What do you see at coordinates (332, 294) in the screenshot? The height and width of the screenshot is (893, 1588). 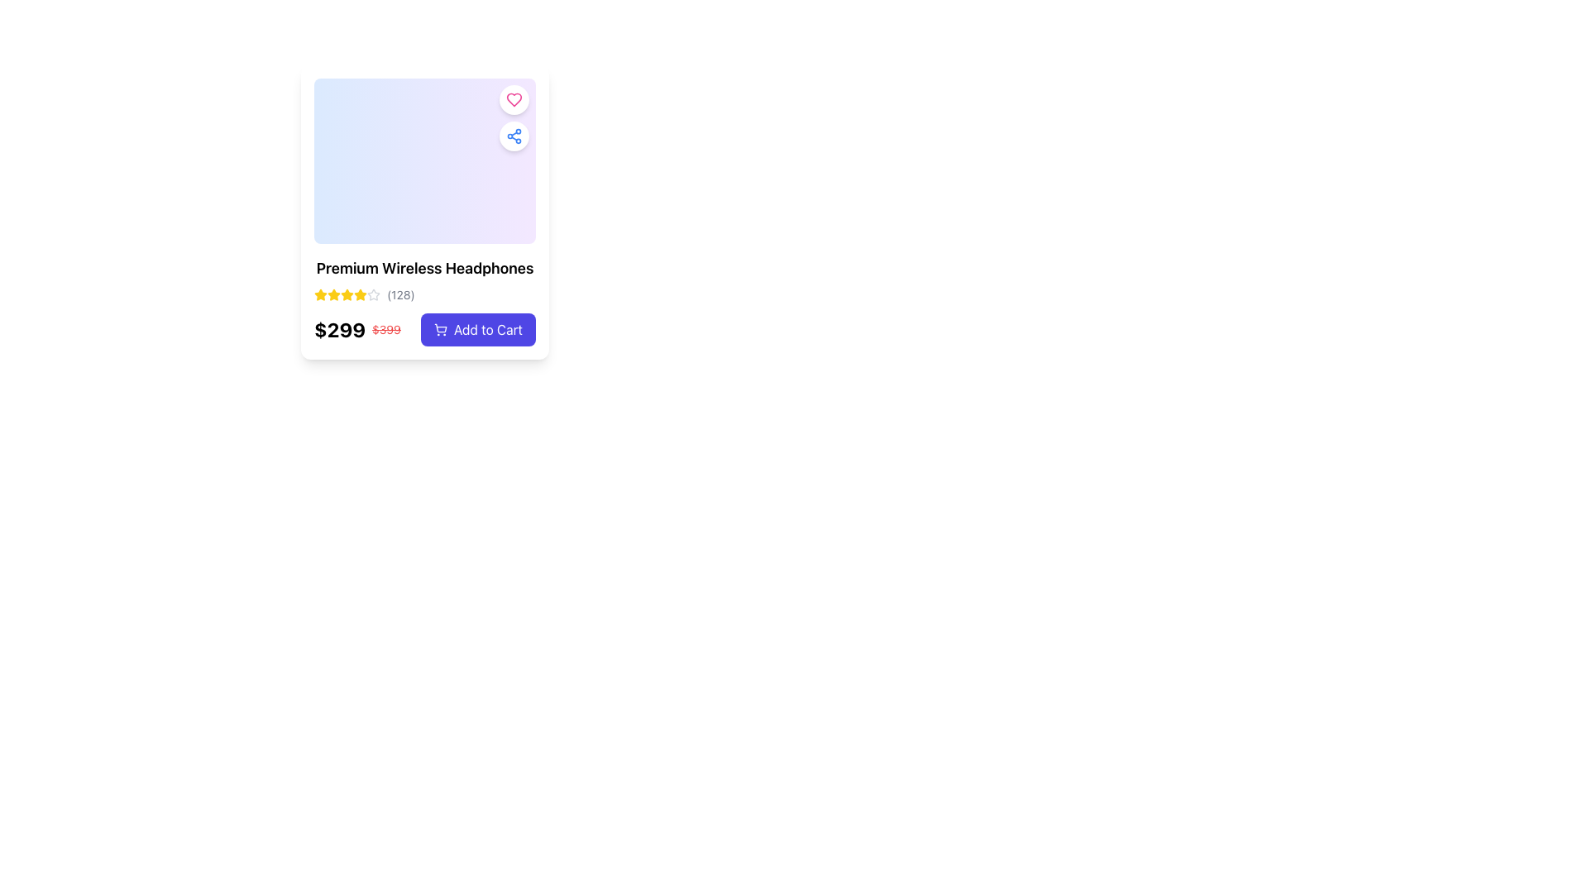 I see `the first star icon in the rating system to interact with the rating for the associated product` at bounding box center [332, 294].